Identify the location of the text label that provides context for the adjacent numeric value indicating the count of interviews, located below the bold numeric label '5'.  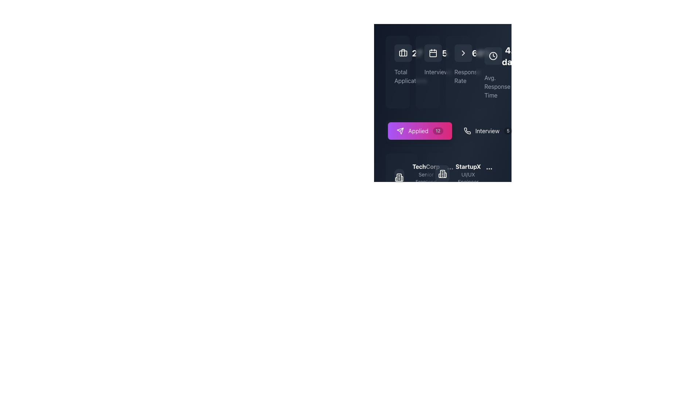
(428, 72).